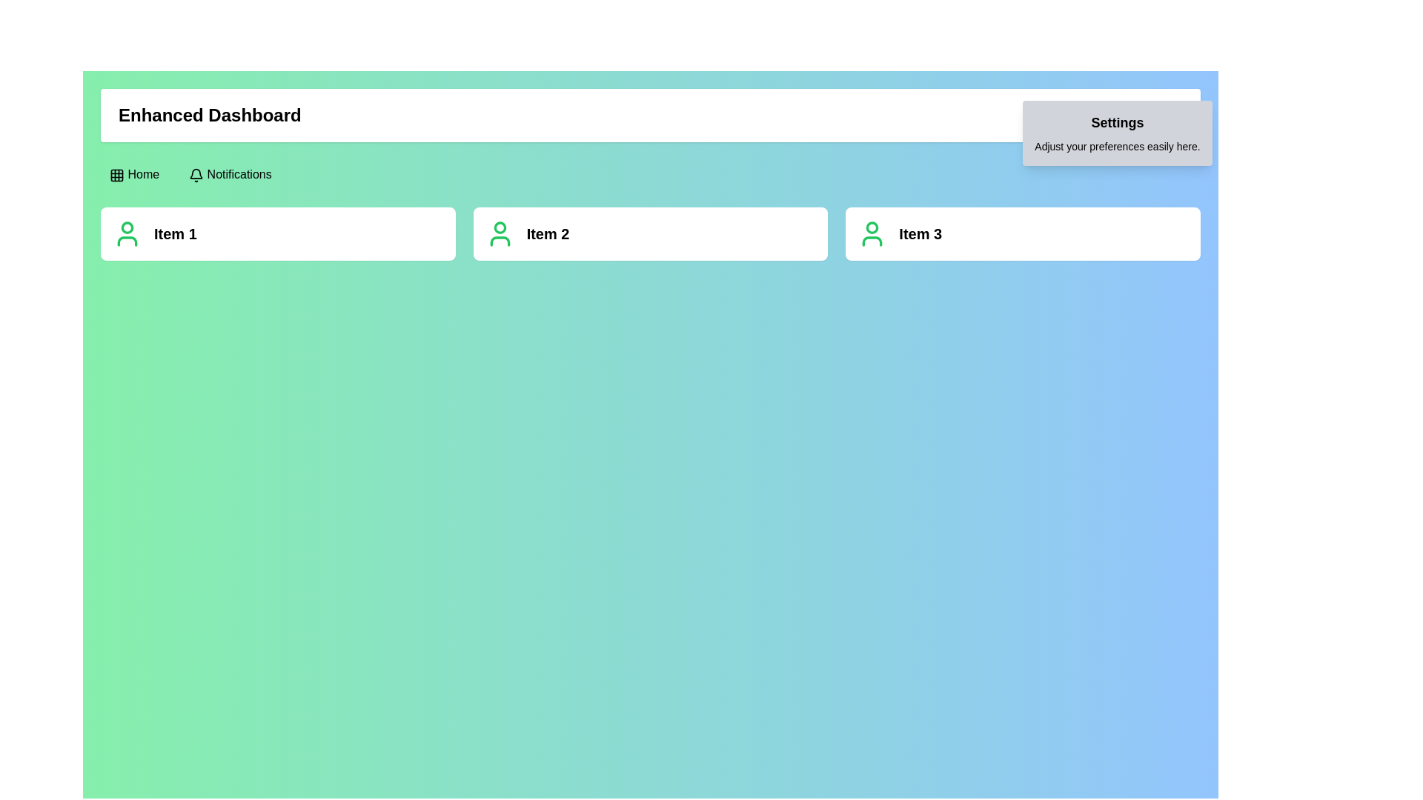  What do you see at coordinates (500, 227) in the screenshot?
I see `the Decorative SVG circle, which is a green circular outline located centrally within the user icon in the 'Item 2' card` at bounding box center [500, 227].